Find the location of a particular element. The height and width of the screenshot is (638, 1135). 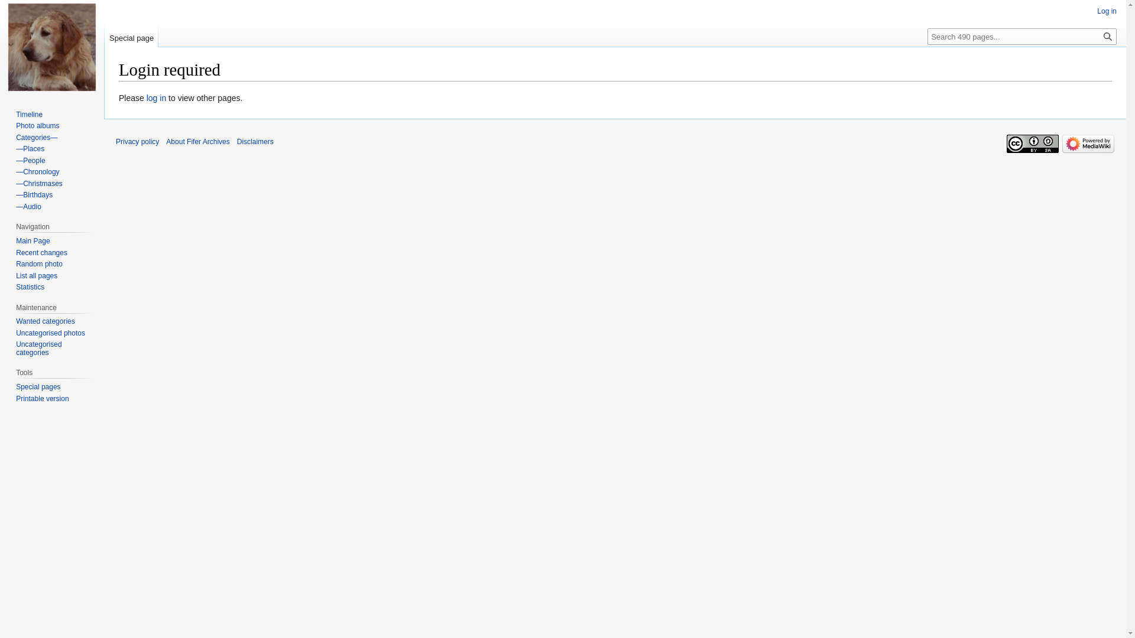

'List all pages' is located at coordinates (16, 275).